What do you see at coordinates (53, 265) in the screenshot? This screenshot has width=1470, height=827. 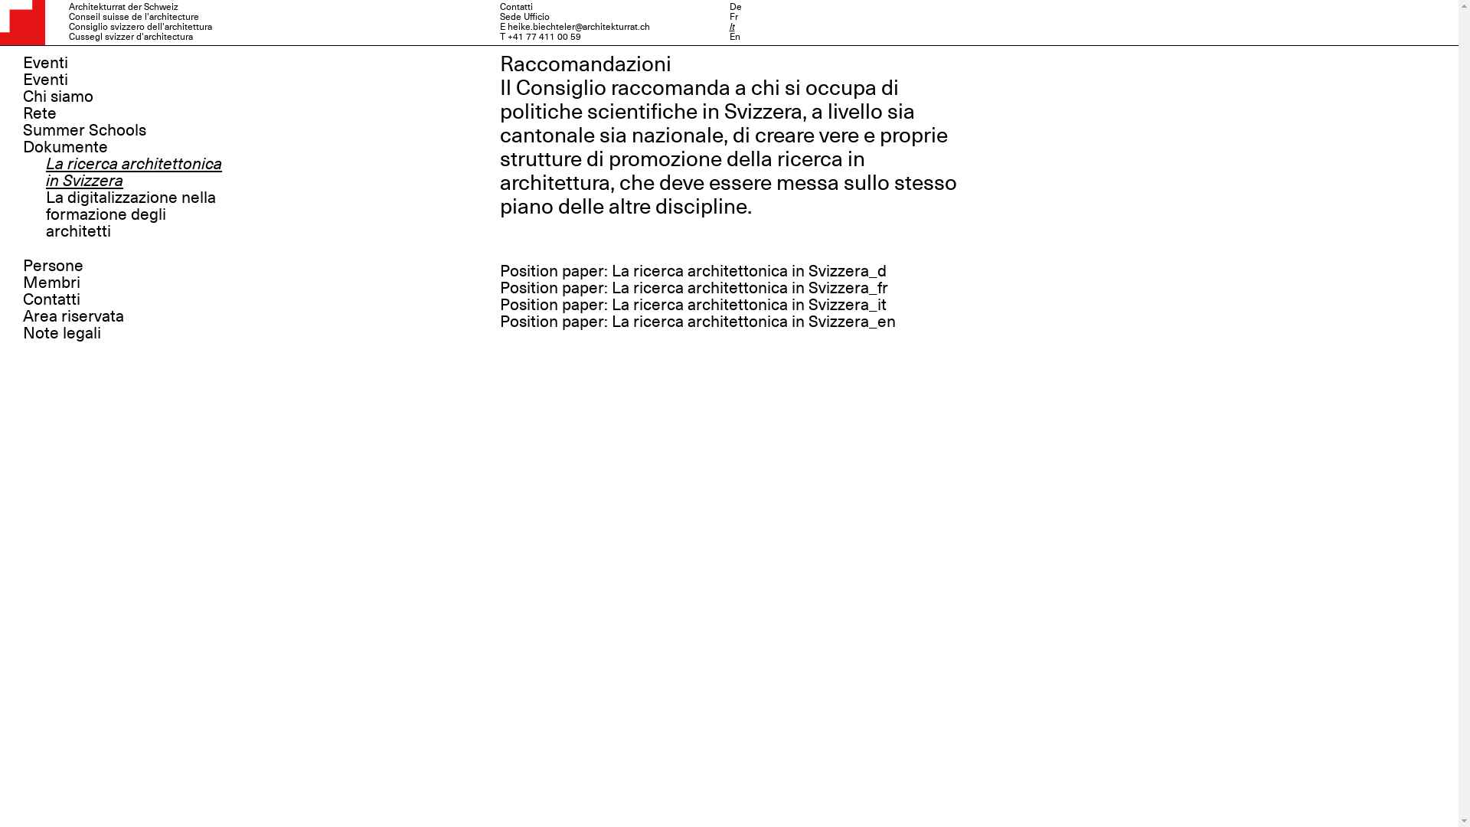 I see `'Persone'` at bounding box center [53, 265].